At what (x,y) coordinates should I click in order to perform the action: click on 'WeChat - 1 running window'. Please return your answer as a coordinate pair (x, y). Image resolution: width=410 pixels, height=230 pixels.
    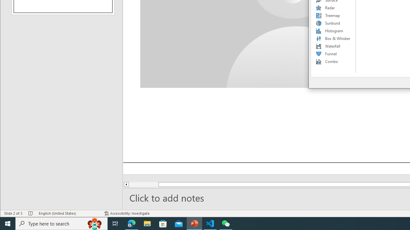
    Looking at the image, I should click on (226, 223).